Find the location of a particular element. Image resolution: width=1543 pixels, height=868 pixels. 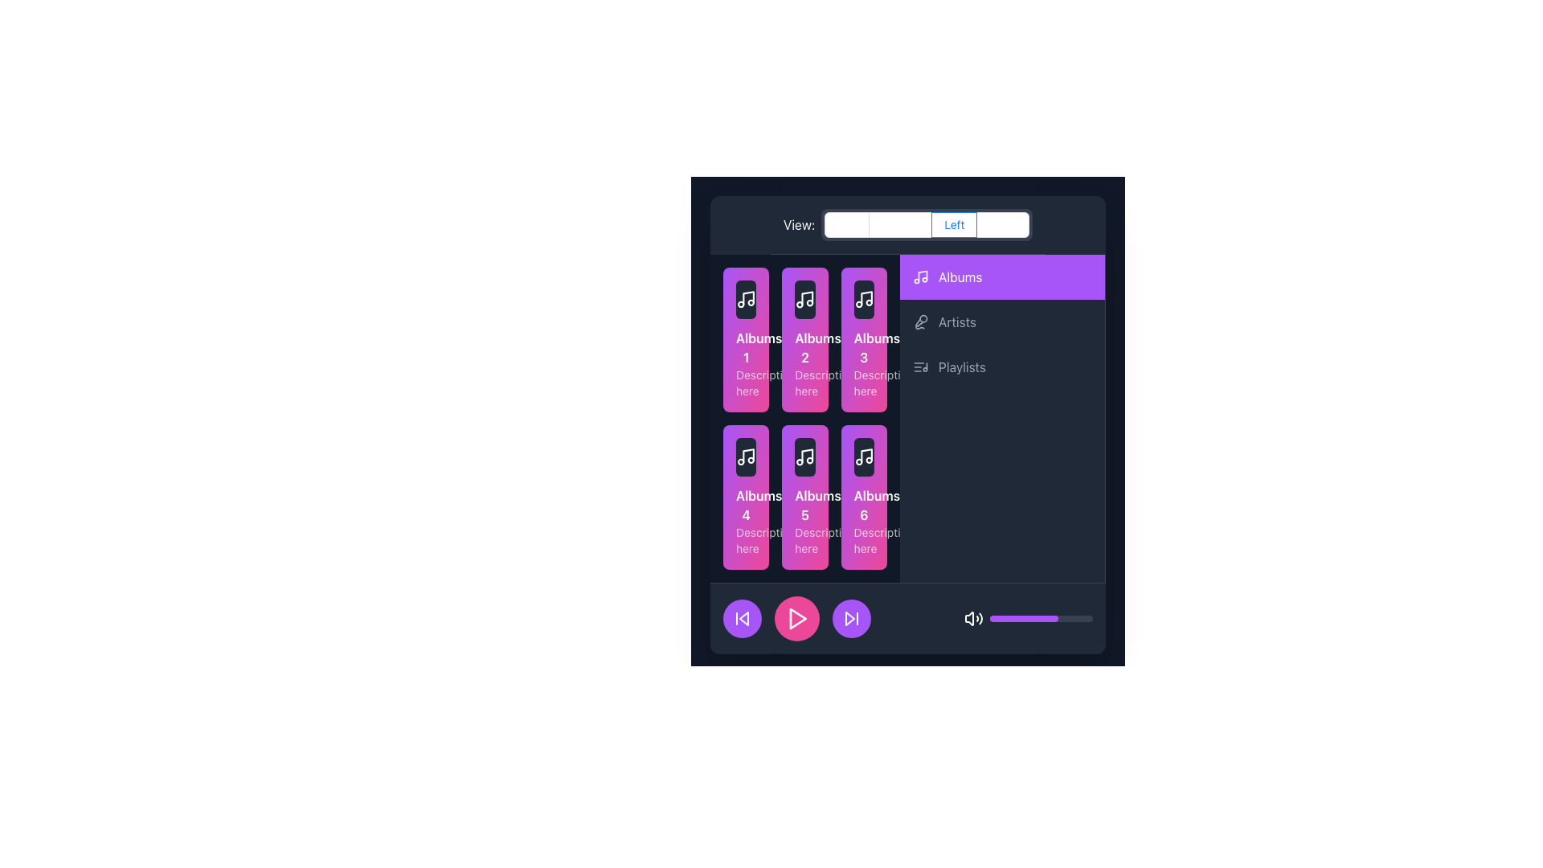

text content of the label displaying 'Albums 4', which is located in the second row, first column of the grid layout in the left panel, part of a colorful card with a gradient from purple to pink is located at coordinates (745, 504).